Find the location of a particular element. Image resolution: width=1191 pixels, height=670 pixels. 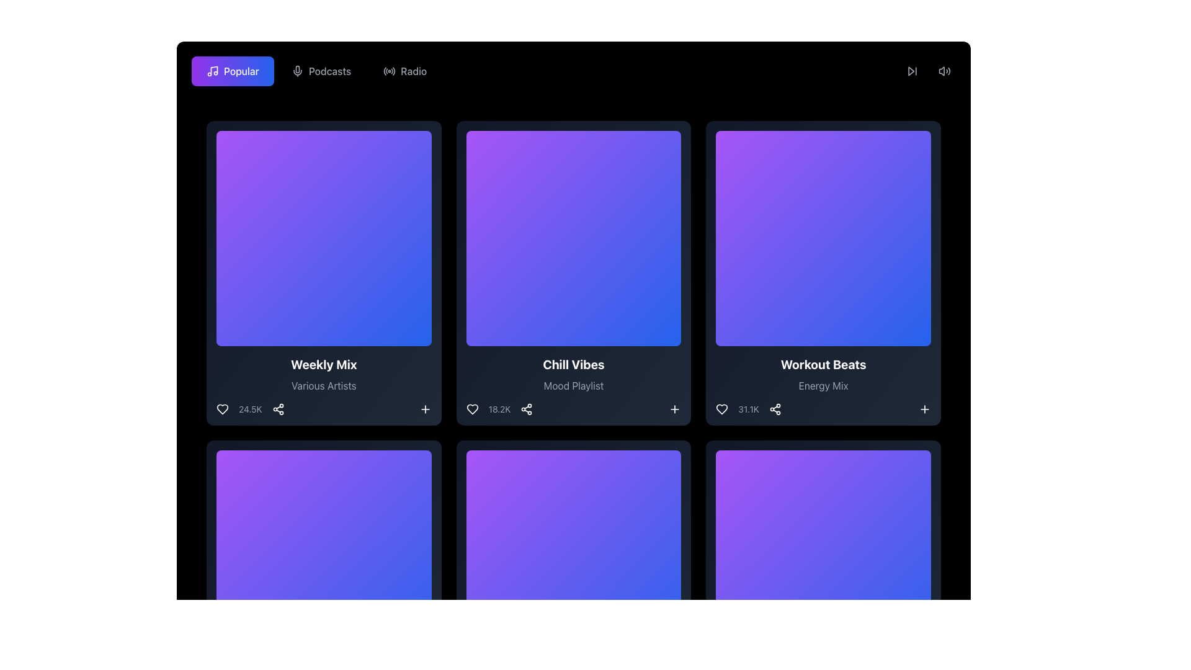

the arrow-like icon located near the top-right corner of the interface is located at coordinates (911, 71).